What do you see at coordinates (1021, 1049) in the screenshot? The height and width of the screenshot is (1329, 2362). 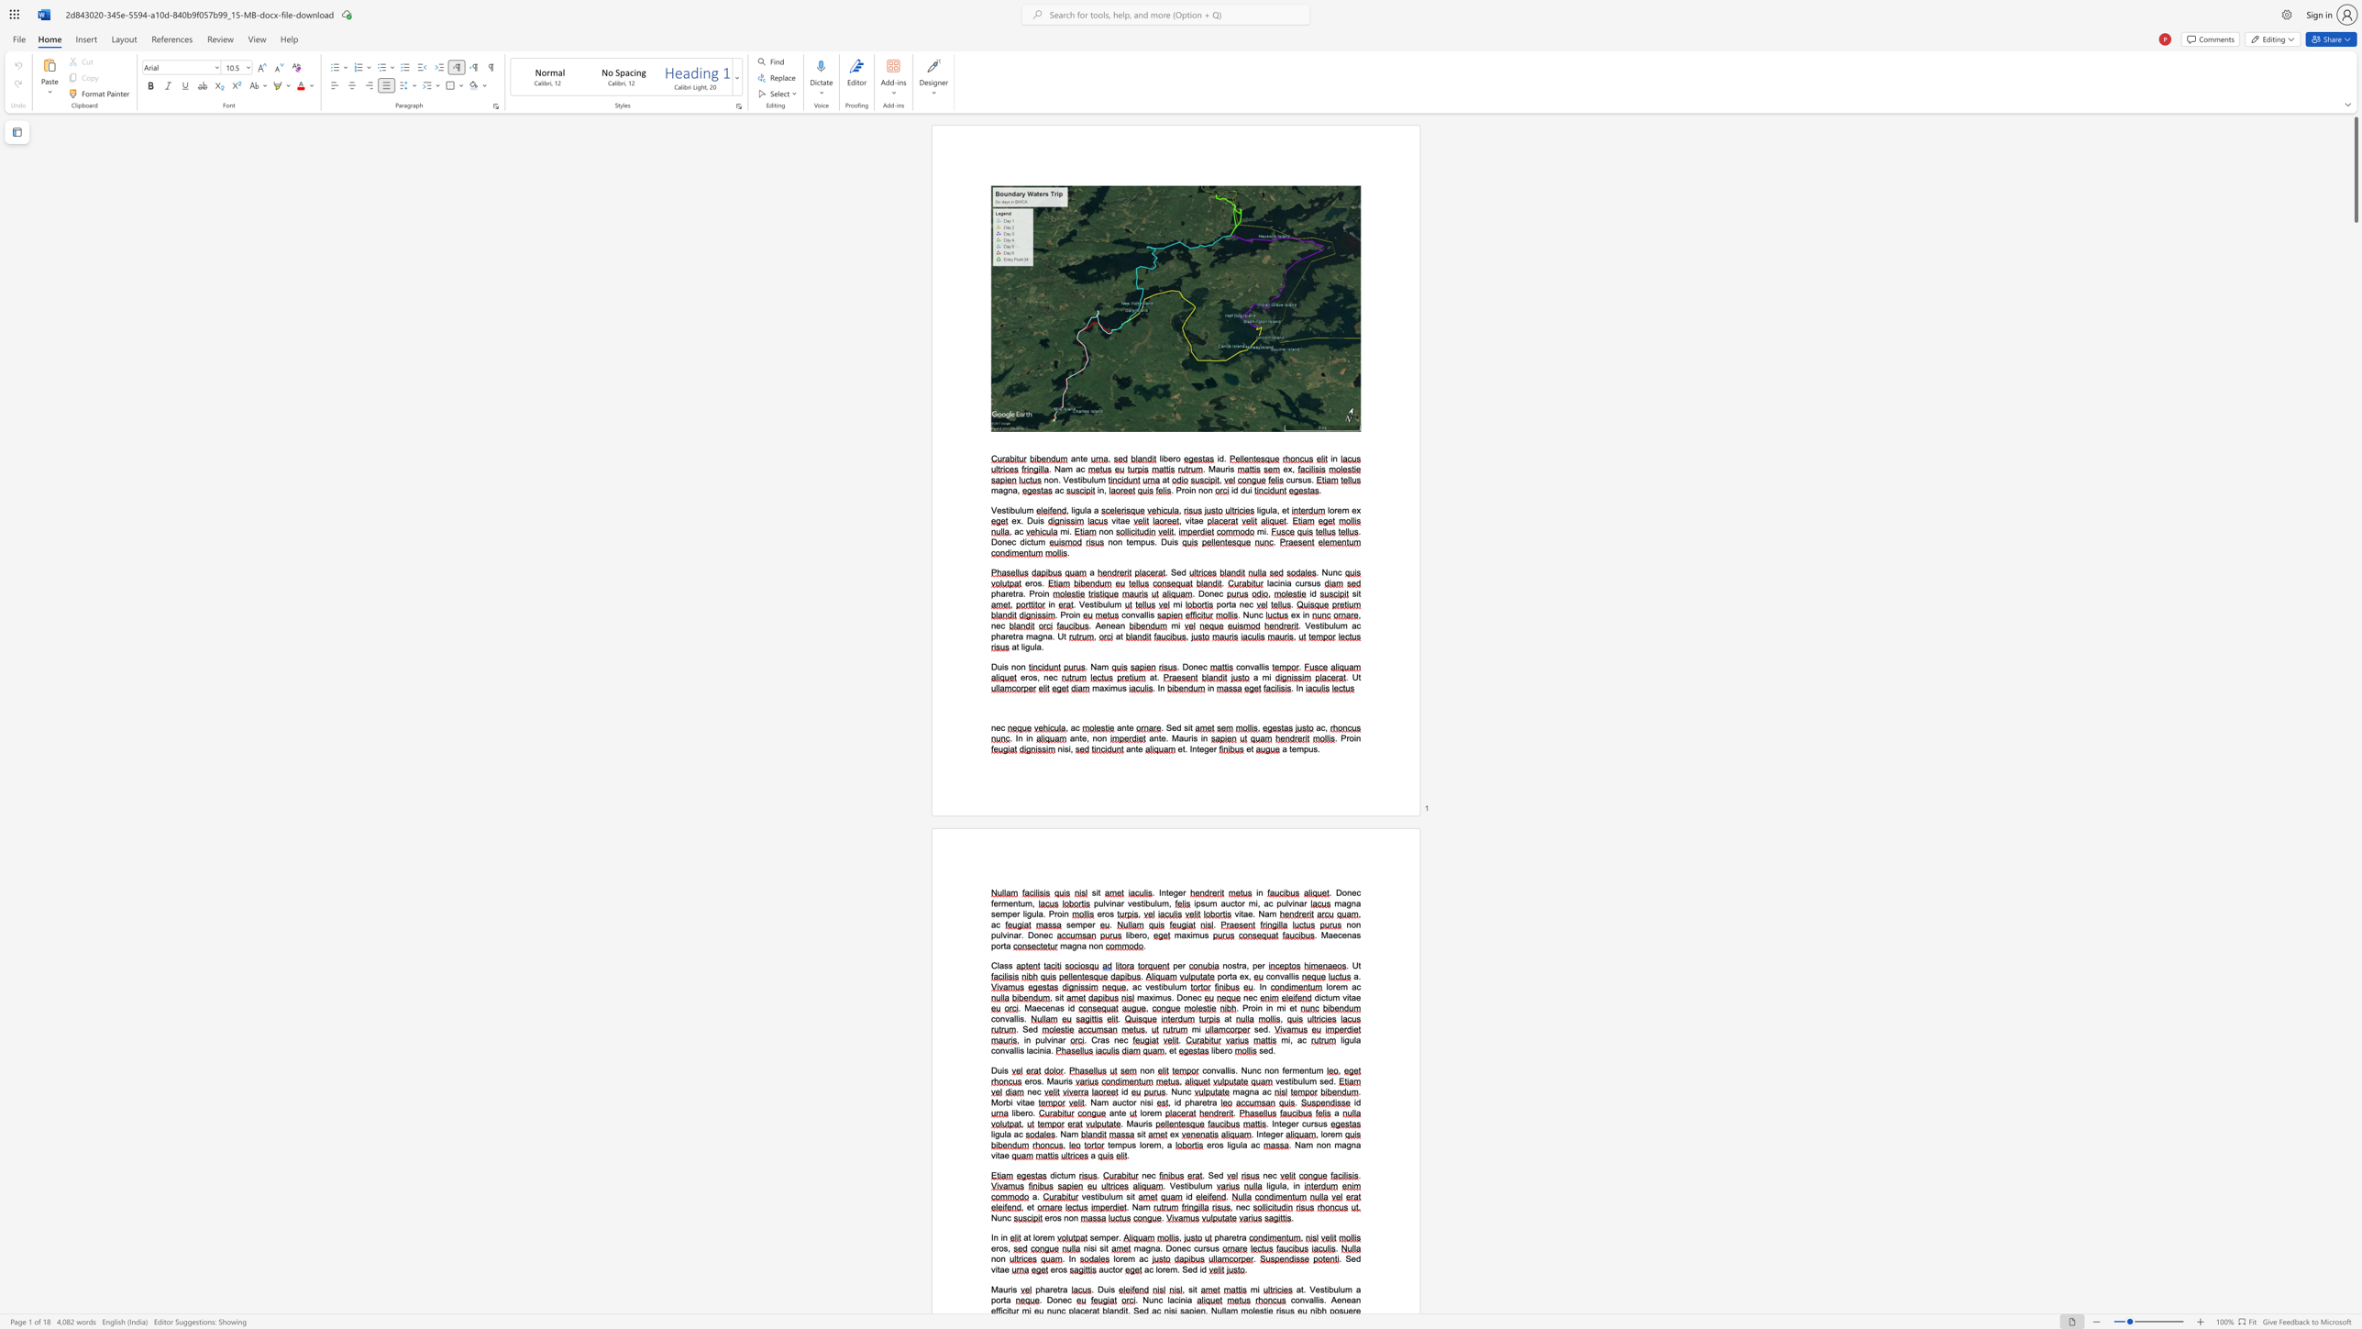 I see `the 1th character "s" in the text` at bounding box center [1021, 1049].